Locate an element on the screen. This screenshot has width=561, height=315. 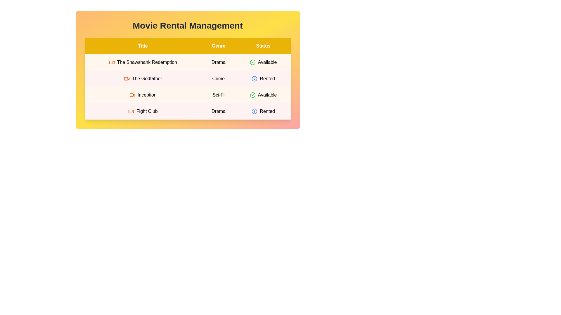
the status icon for the movie 'The Shawshank Redemption' to view its rental status details is located at coordinates (252, 62).